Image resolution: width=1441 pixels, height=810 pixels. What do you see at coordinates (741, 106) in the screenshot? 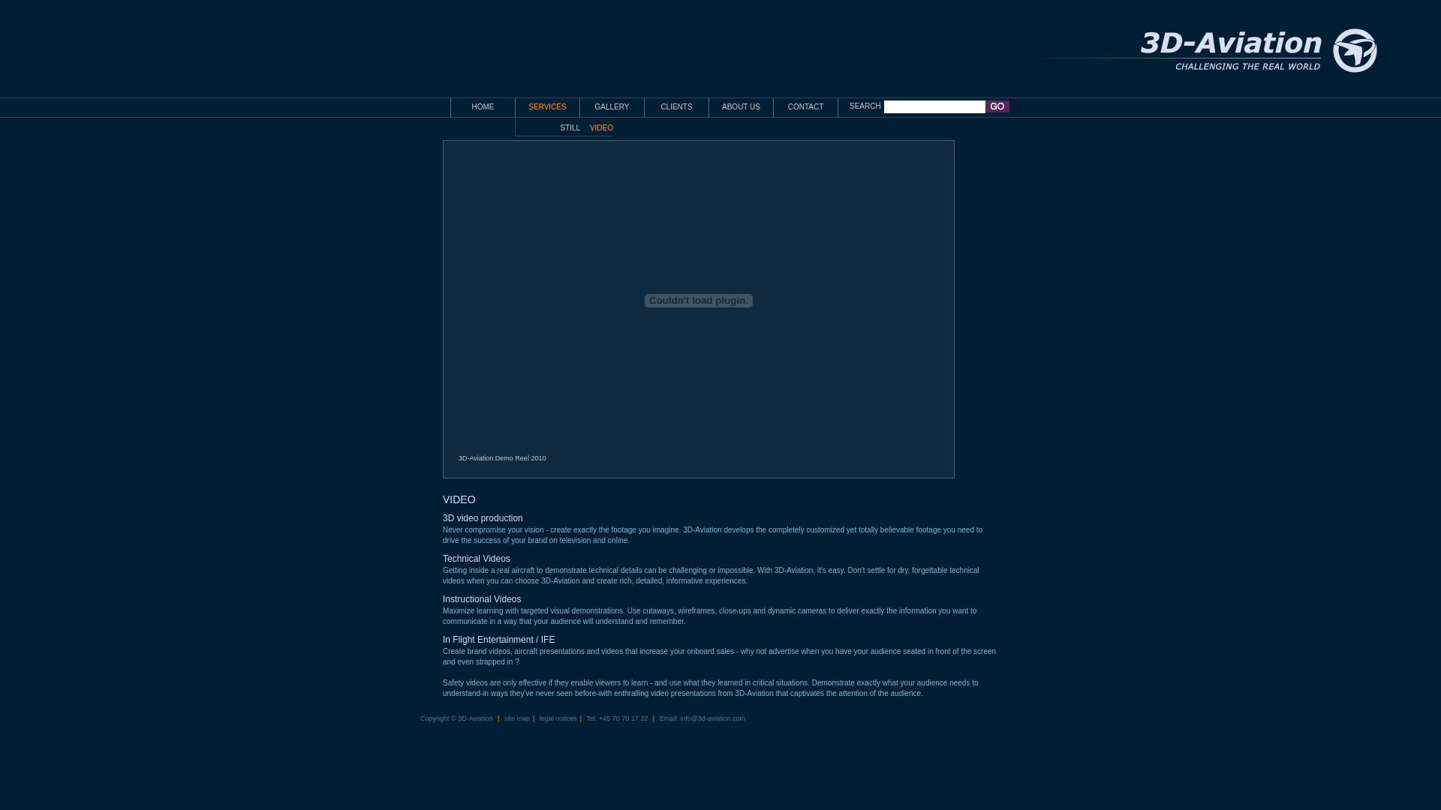
I see `'ABOUT US'` at bounding box center [741, 106].